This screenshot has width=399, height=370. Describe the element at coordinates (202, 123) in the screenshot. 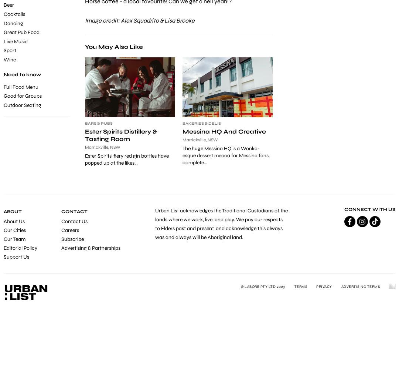

I see `'Bakeries & Delis'` at that location.